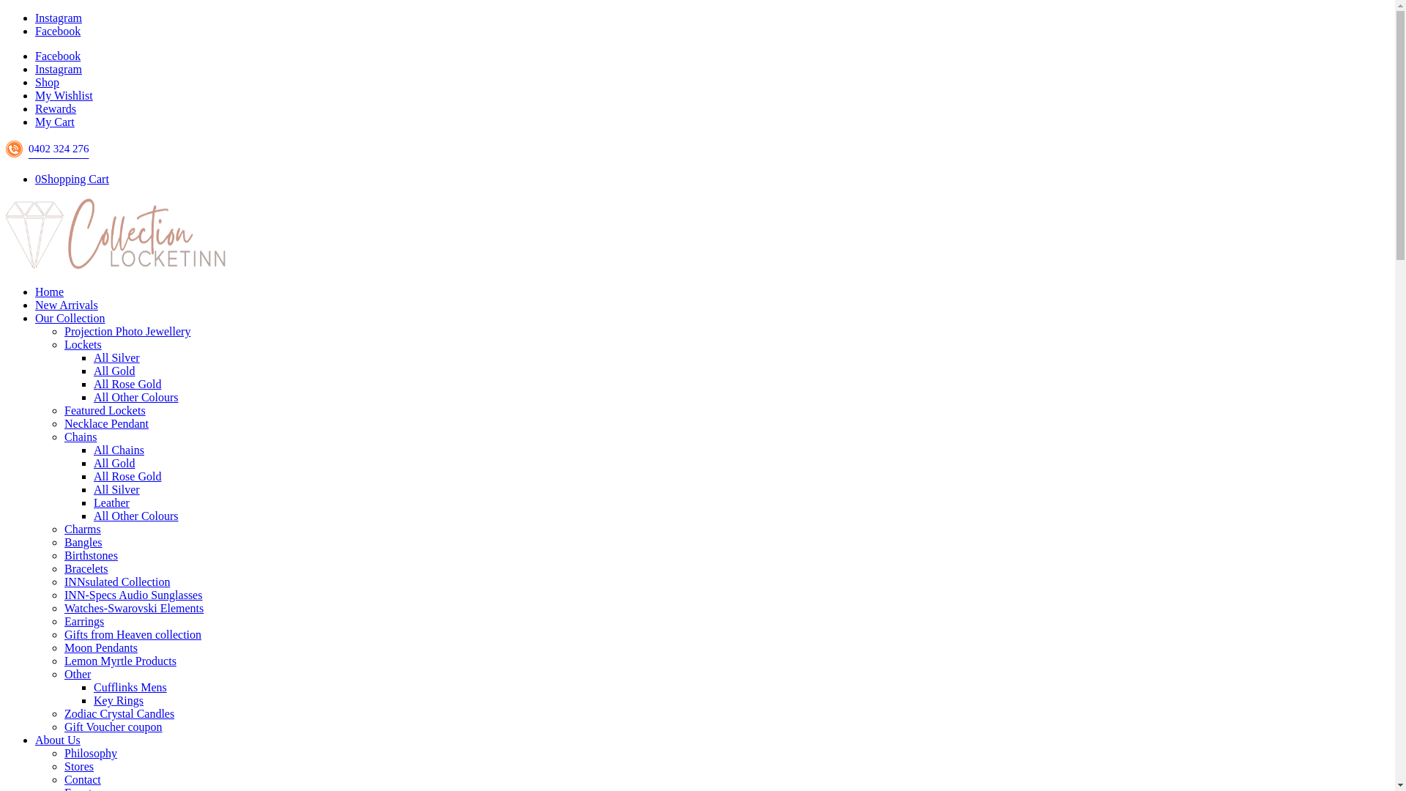 This screenshot has width=1406, height=791. I want to click on 'Contact', so click(82, 779).